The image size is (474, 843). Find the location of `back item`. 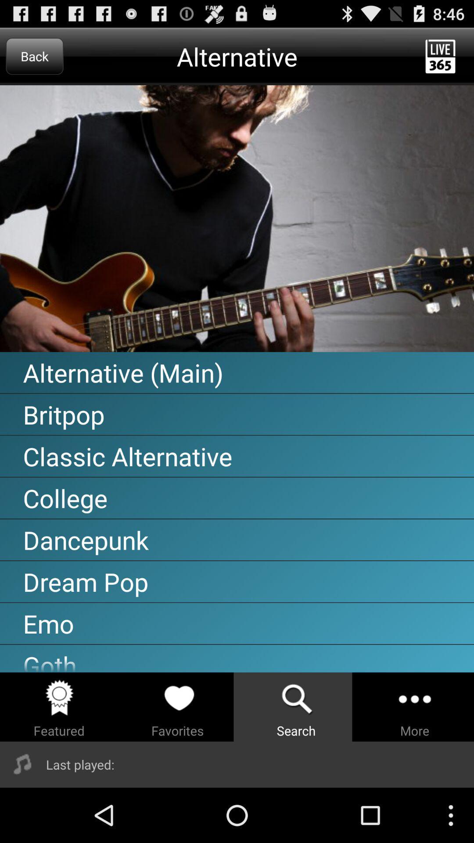

back item is located at coordinates (34, 56).